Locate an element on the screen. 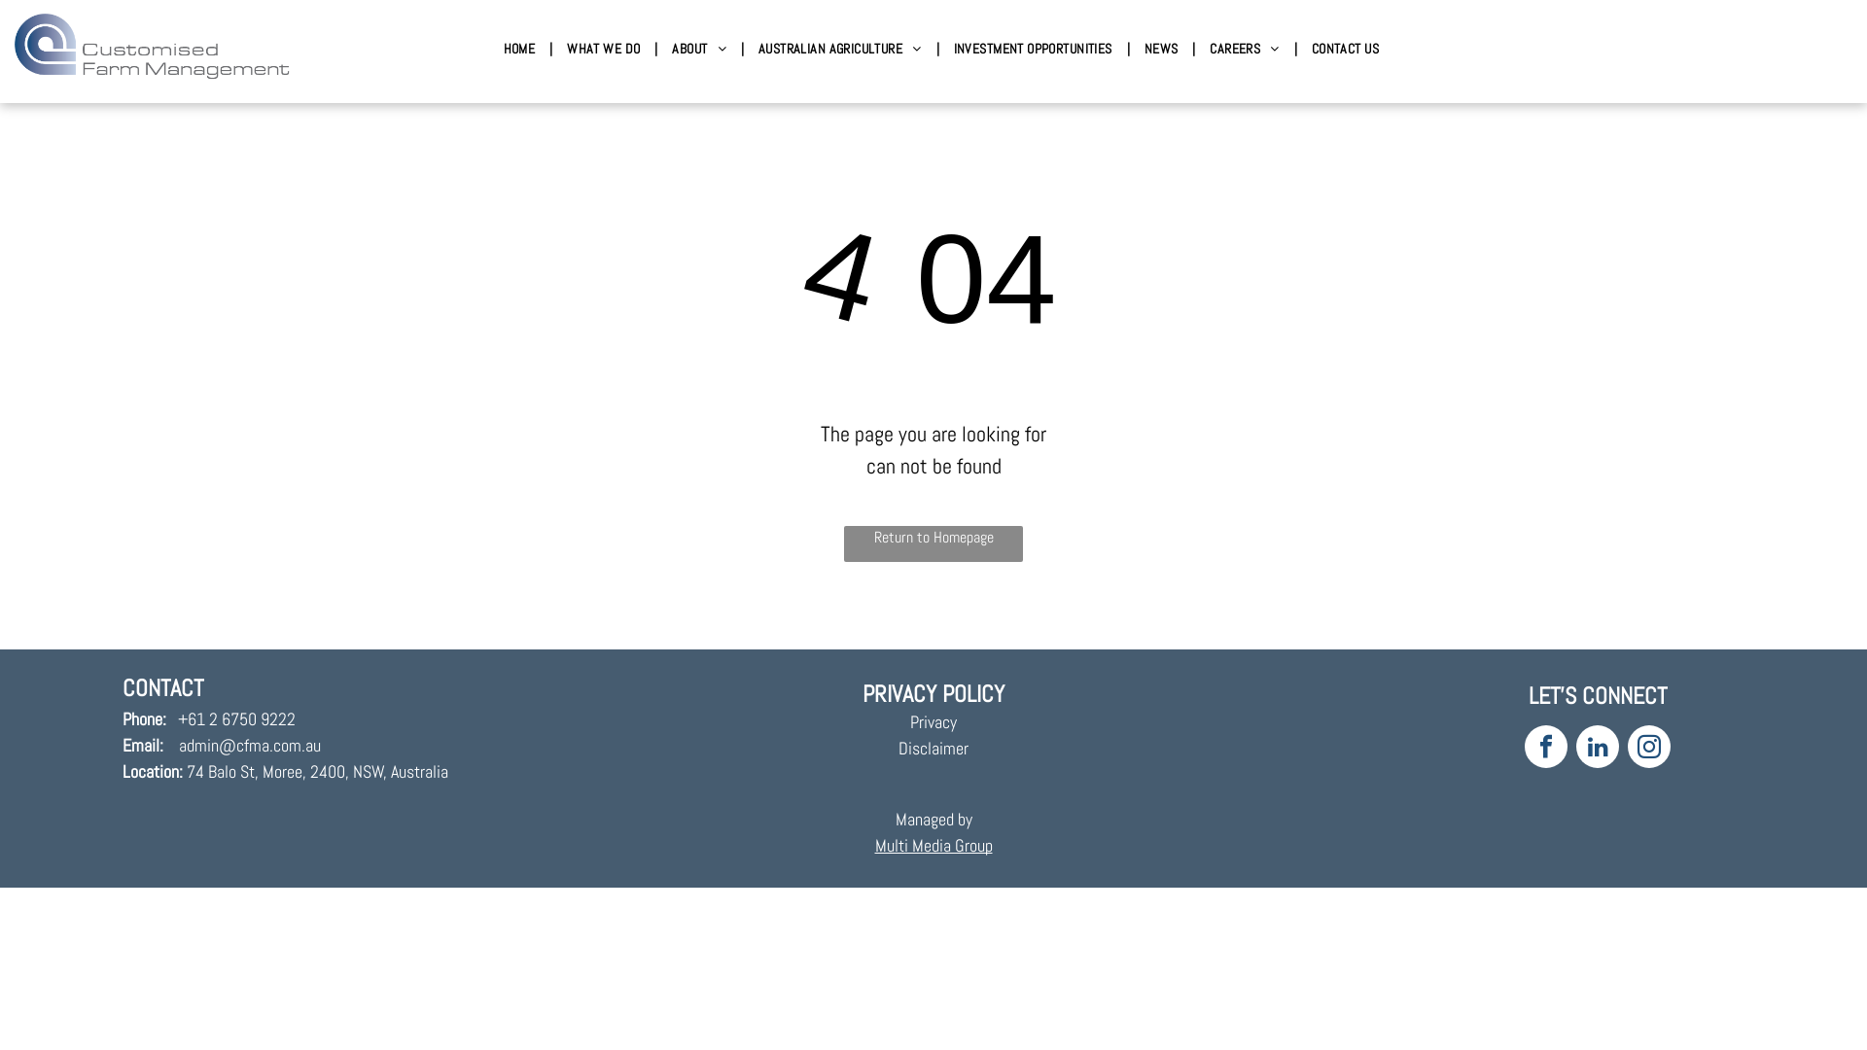  'CONTACT US' is located at coordinates (1297, 49).